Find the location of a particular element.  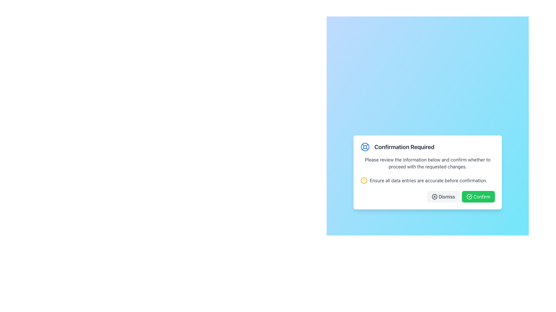

the warning symbol icon, which is a yellow circular alert graphic with an exclamation mark, located to the left of the cautionary text in the dialog box is located at coordinates (364, 180).